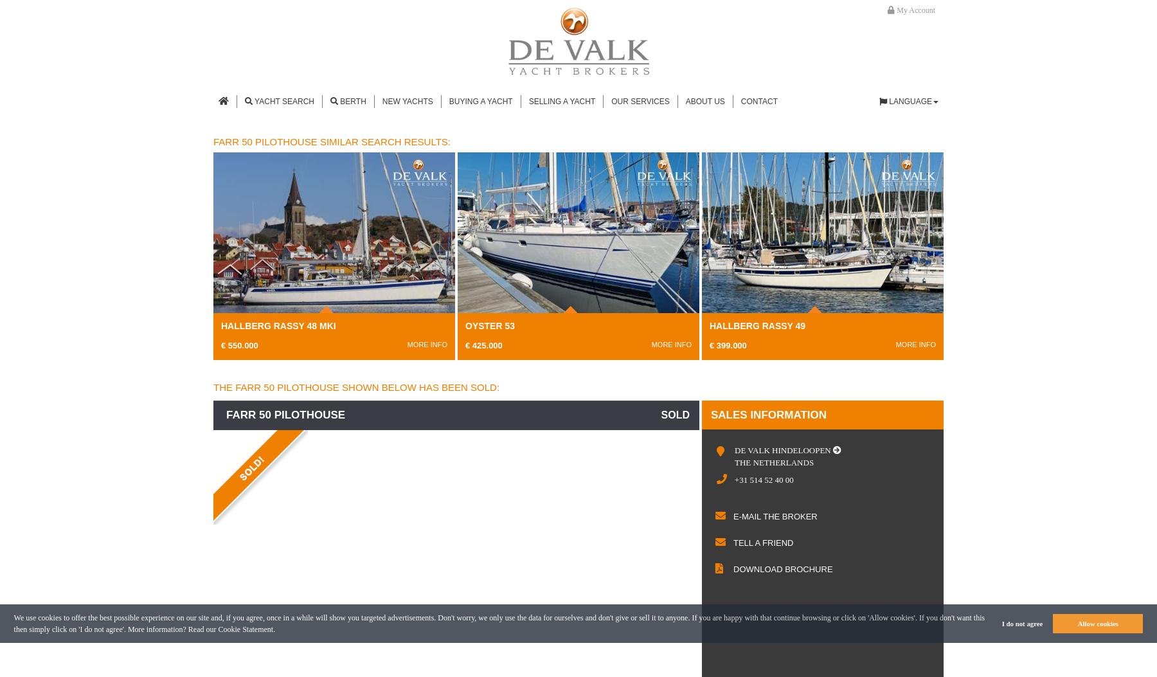 This screenshot has width=1157, height=677. I want to click on 'sold', so click(674, 413).